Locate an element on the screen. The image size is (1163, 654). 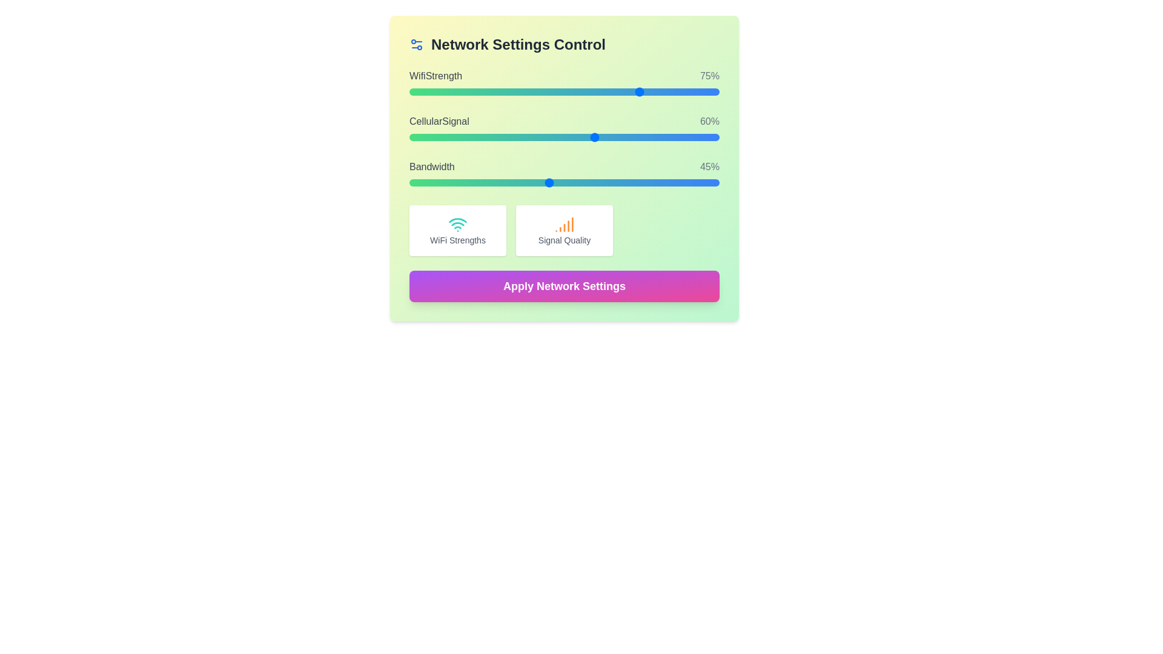
the text label displaying '75%' in a gray font, styled as 'text-gray-500', located on the far right of the 'Network Settings Control' interface is located at coordinates (709, 76).